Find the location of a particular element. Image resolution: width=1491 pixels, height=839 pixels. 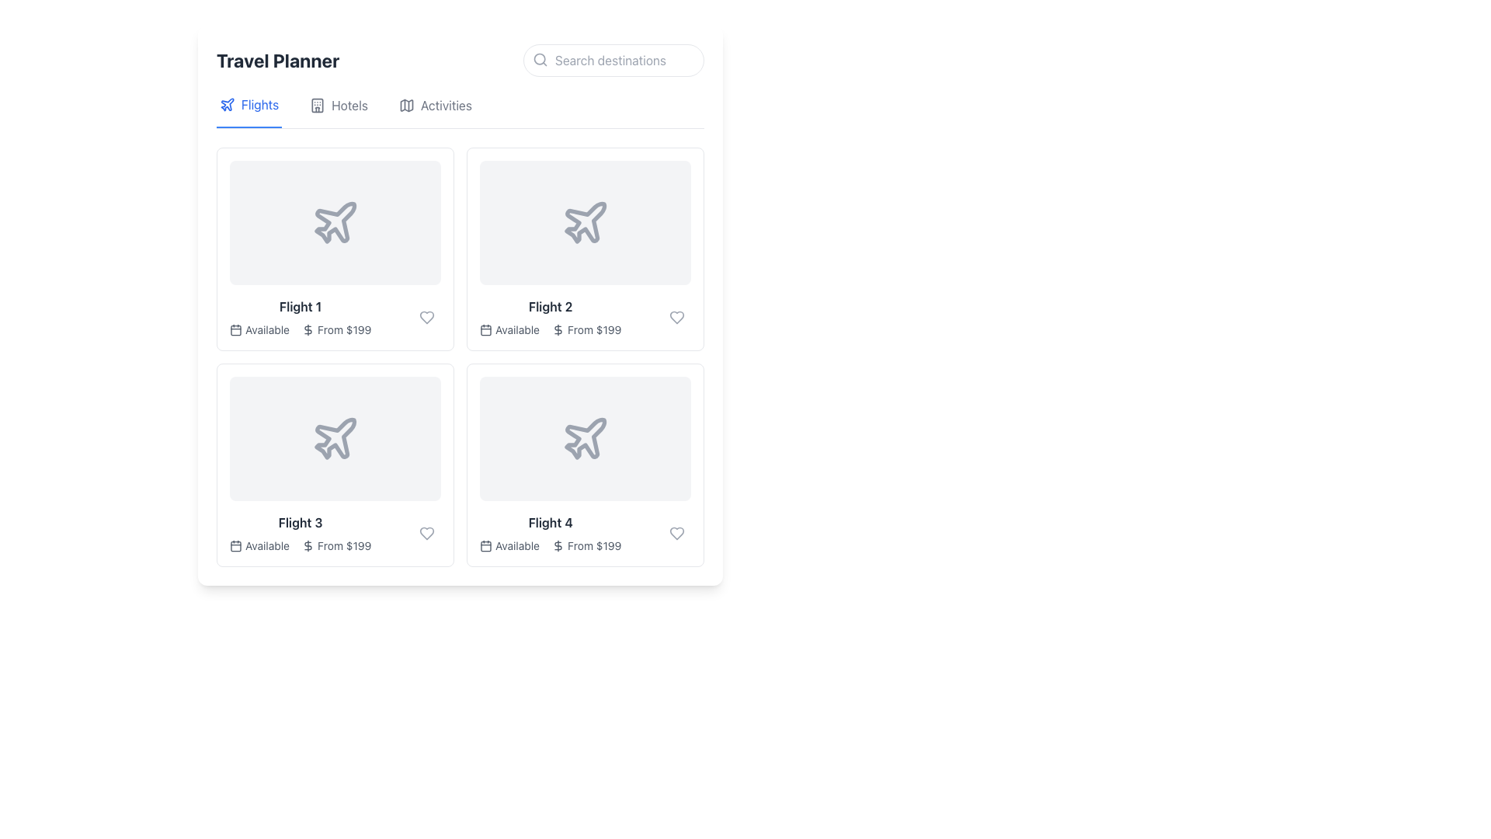

the 'From $199' text label with an icon located in the lower section of the fourth card is located at coordinates (586, 545).